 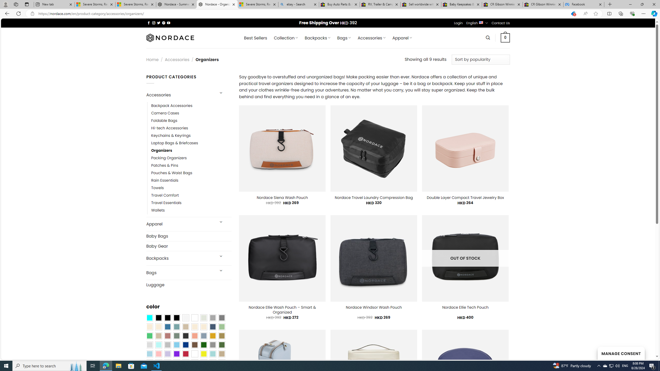 I want to click on 'Mint', so click(x=158, y=345).